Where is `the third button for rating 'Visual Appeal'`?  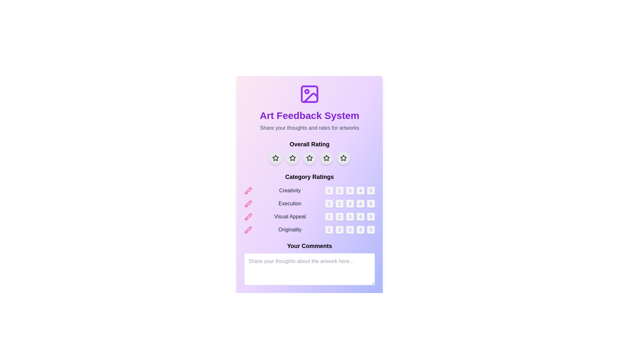 the third button for rating 'Visual Appeal' is located at coordinates (349, 216).